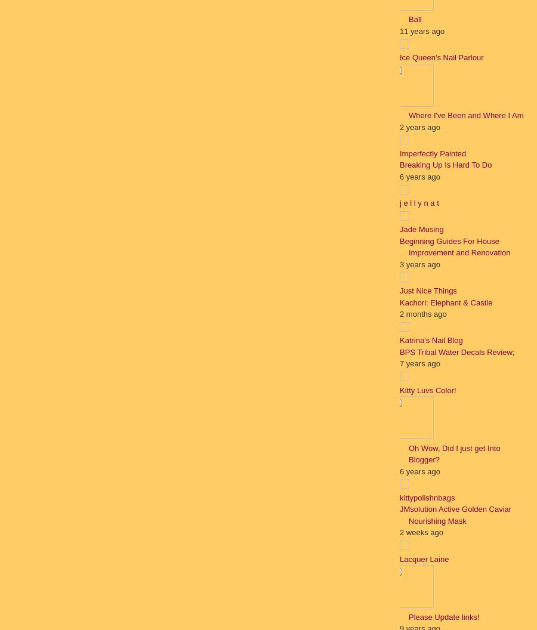  Describe the element at coordinates (419, 264) in the screenshot. I see `'3 years ago'` at that location.